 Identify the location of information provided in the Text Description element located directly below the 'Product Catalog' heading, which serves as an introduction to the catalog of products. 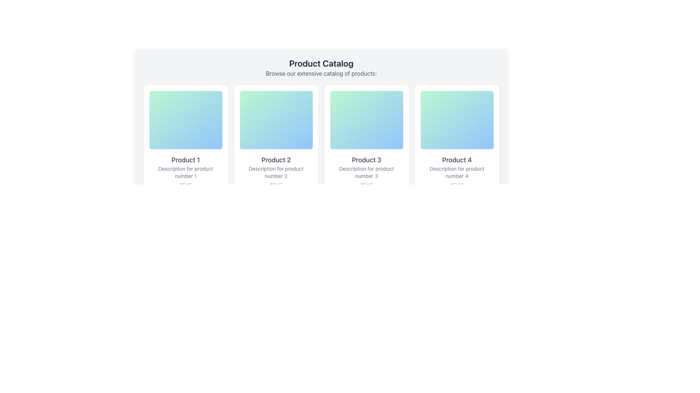
(321, 73).